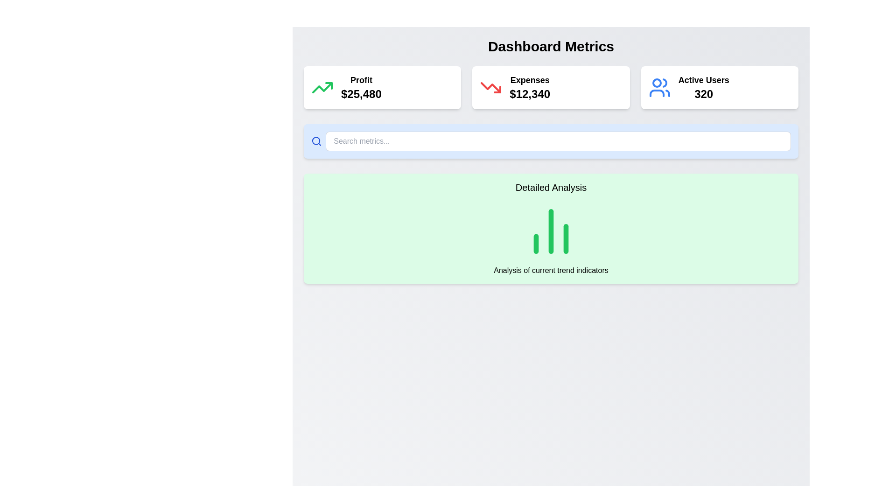 This screenshot has height=504, width=896. What do you see at coordinates (530, 80) in the screenshot?
I see `the 'Expenses' text label that serves as a title for the expenses metric, located in the middle section of a horizontal row at the top of the interface, above the numeric content '$12,340'` at bounding box center [530, 80].